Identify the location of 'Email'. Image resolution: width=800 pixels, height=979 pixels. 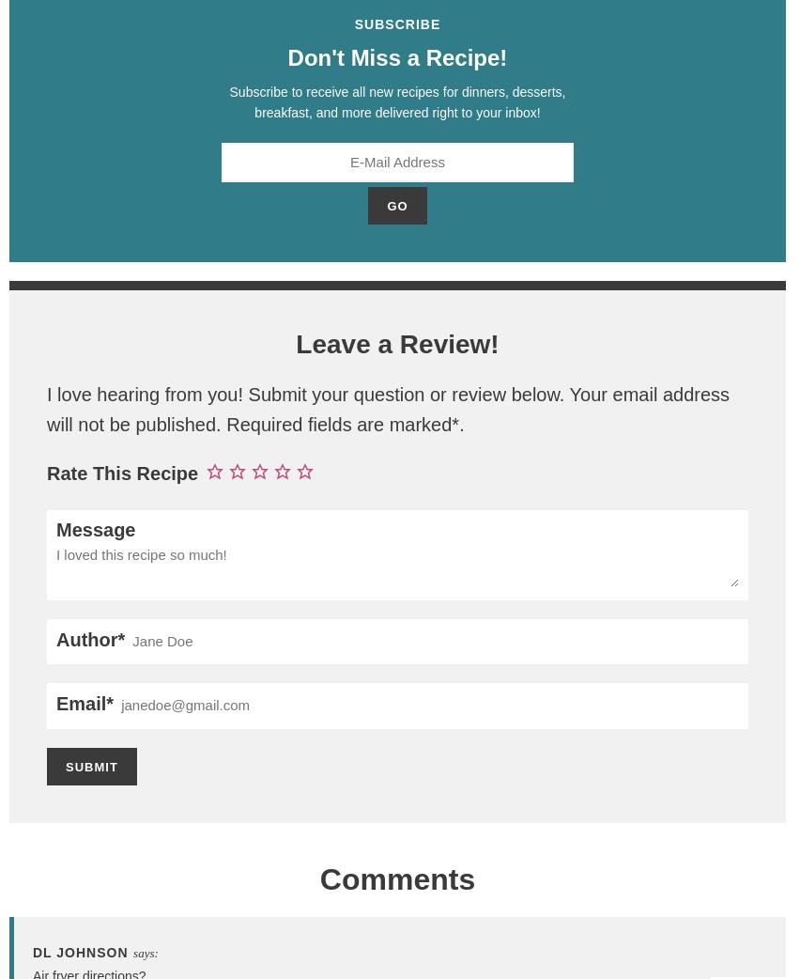
(80, 702).